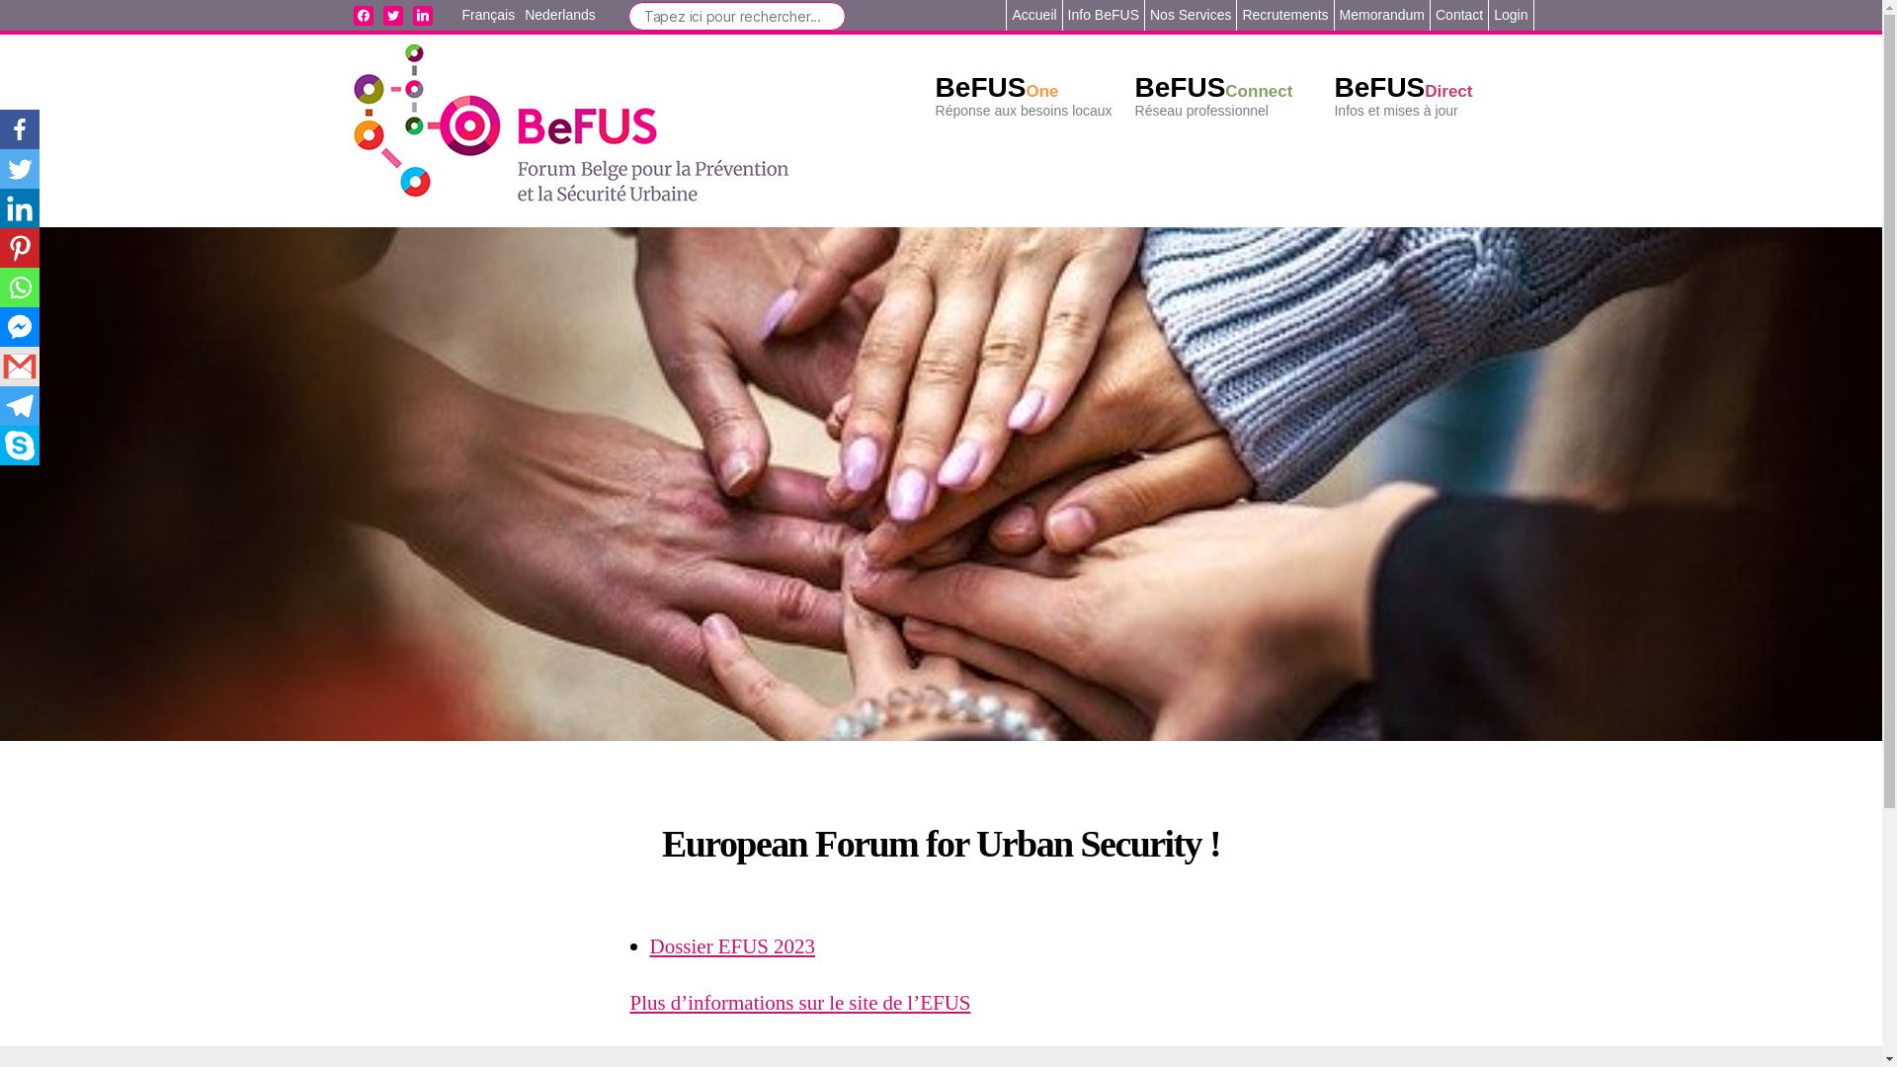 The height and width of the screenshot is (1067, 1897). Describe the element at coordinates (0, 208) in the screenshot. I see `'Linkedin'` at that location.